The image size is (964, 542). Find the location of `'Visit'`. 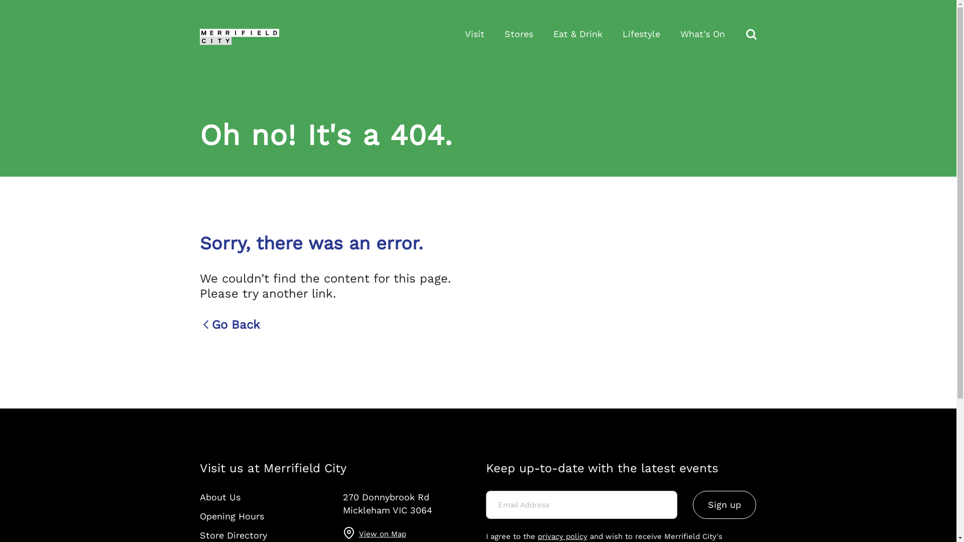

'Visit' is located at coordinates (474, 34).